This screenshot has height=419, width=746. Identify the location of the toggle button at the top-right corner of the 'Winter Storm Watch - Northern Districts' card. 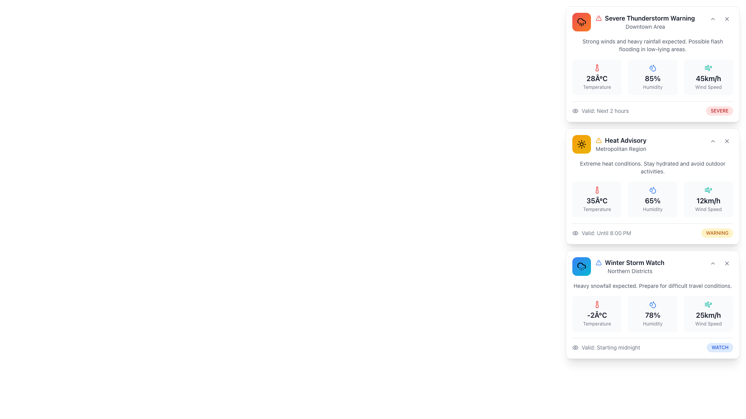
(713, 263).